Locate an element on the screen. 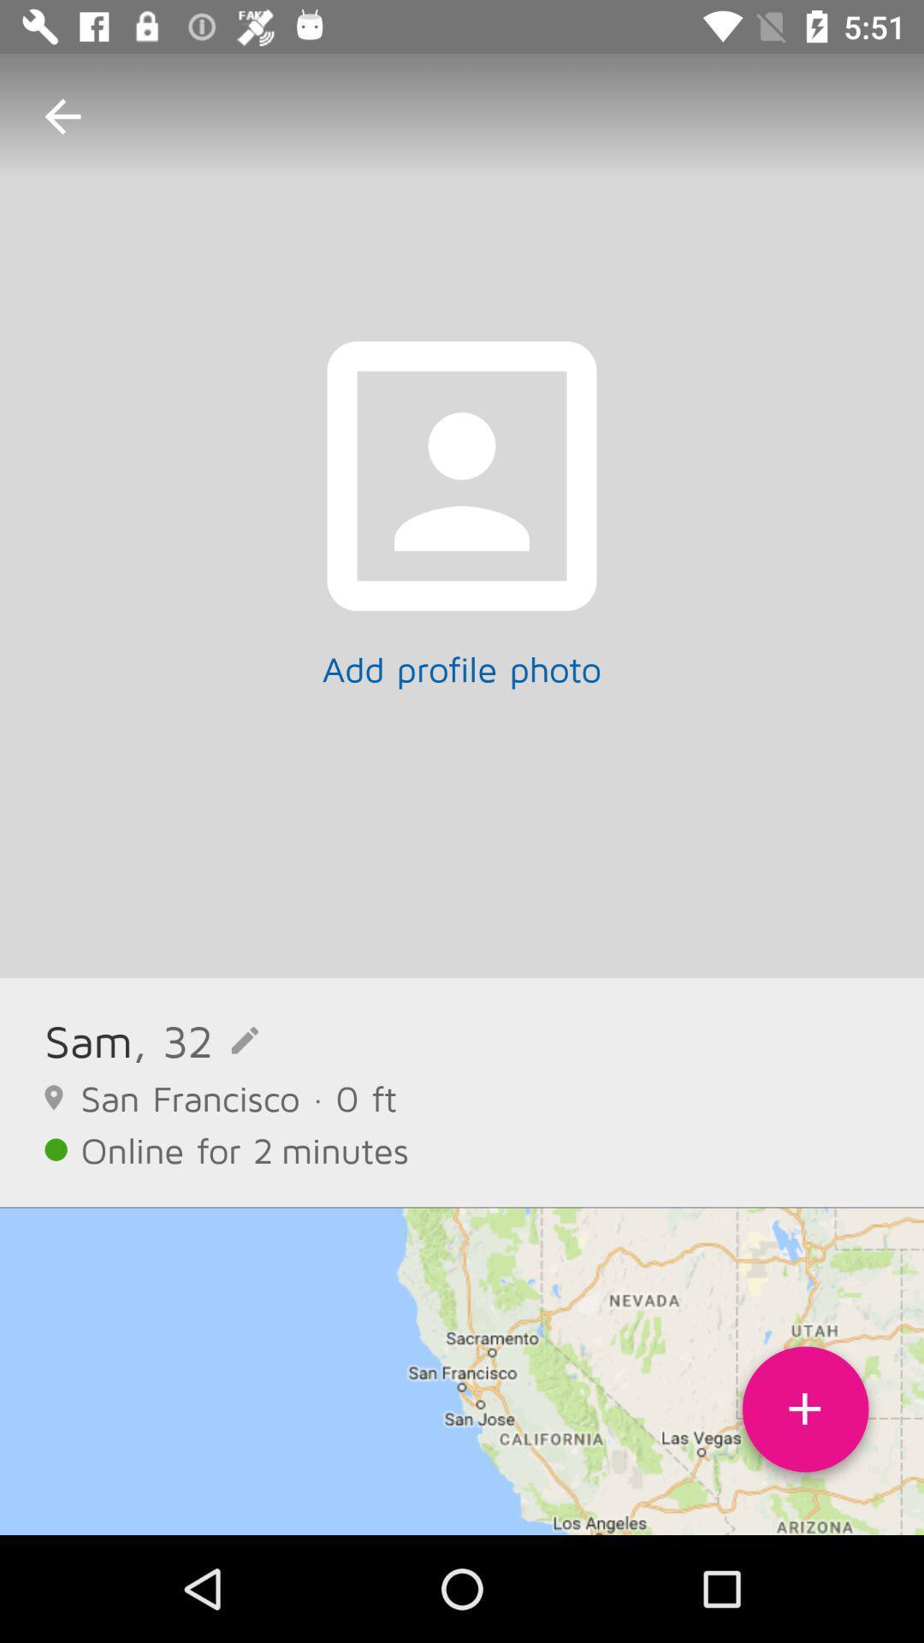  a new search is located at coordinates (805, 1415).